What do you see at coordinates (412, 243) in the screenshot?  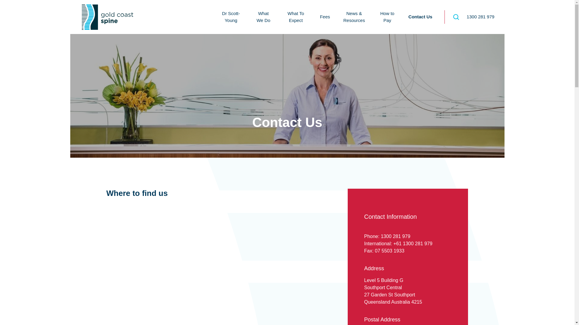 I see `'+61 1300 281 979'` at bounding box center [412, 243].